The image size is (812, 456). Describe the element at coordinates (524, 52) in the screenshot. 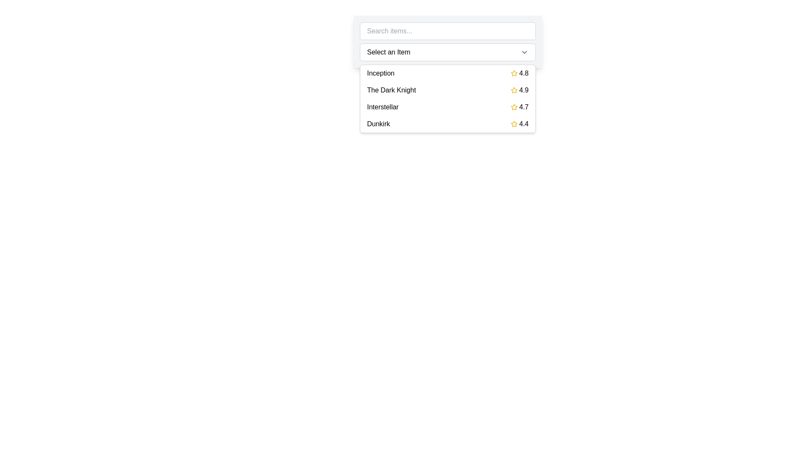

I see `the gray downward-pointing chevron icon located on the right side of the 'Select an Item' dropdown menu` at that location.